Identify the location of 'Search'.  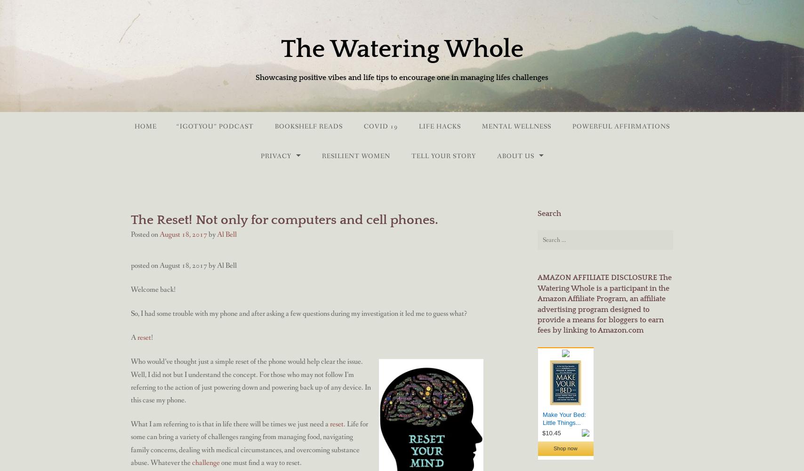
(549, 213).